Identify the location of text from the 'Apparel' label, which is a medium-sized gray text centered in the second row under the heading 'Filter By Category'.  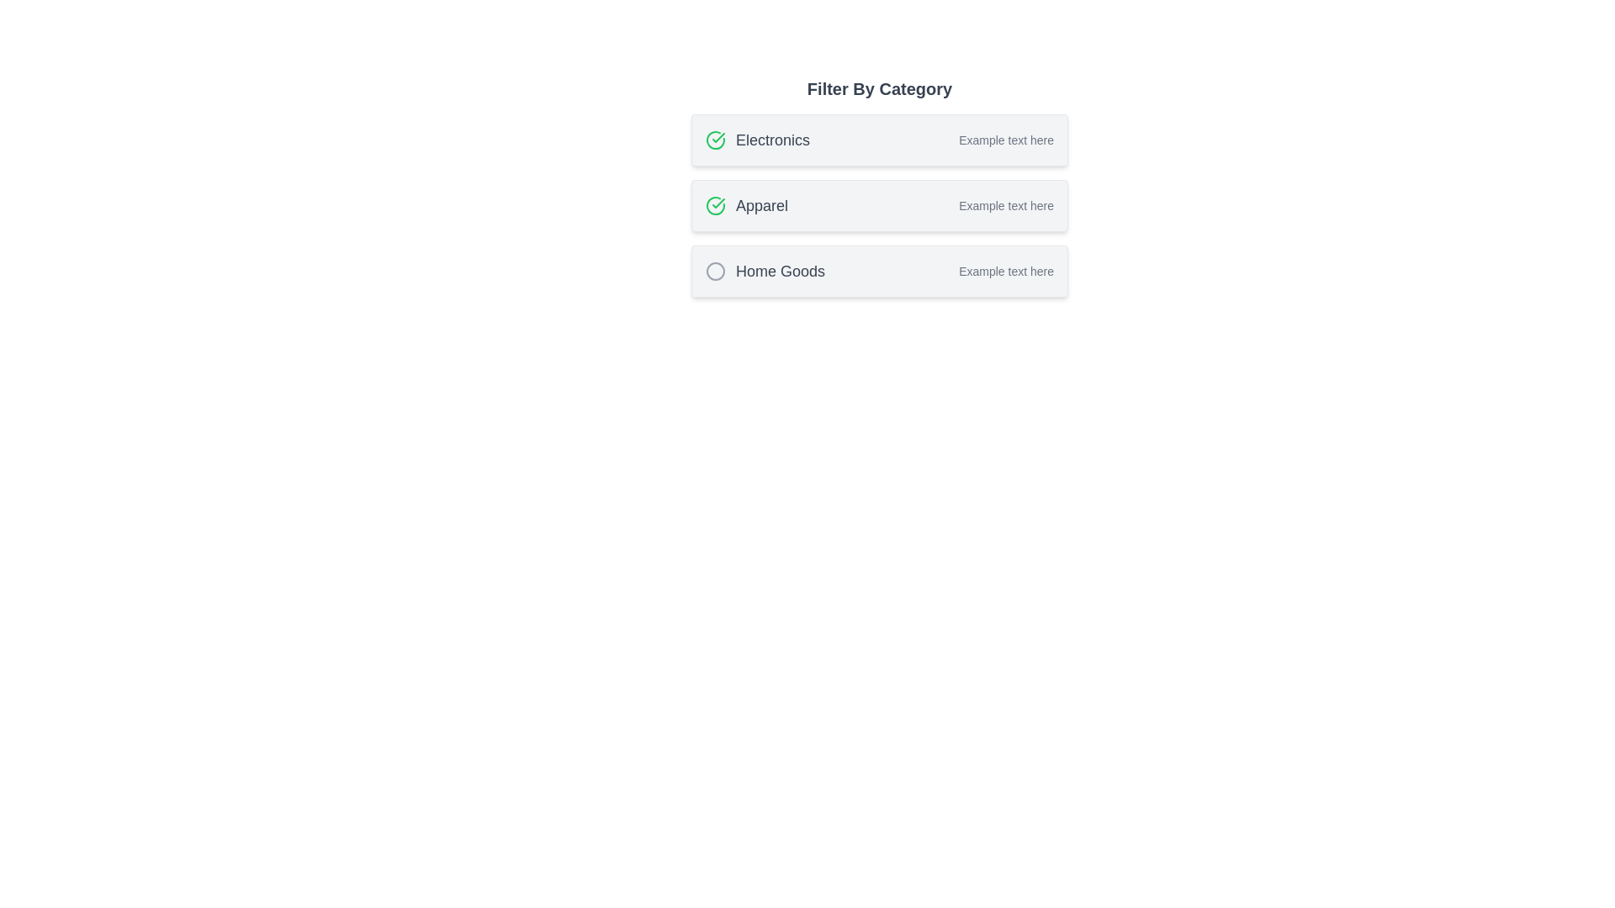
(761, 205).